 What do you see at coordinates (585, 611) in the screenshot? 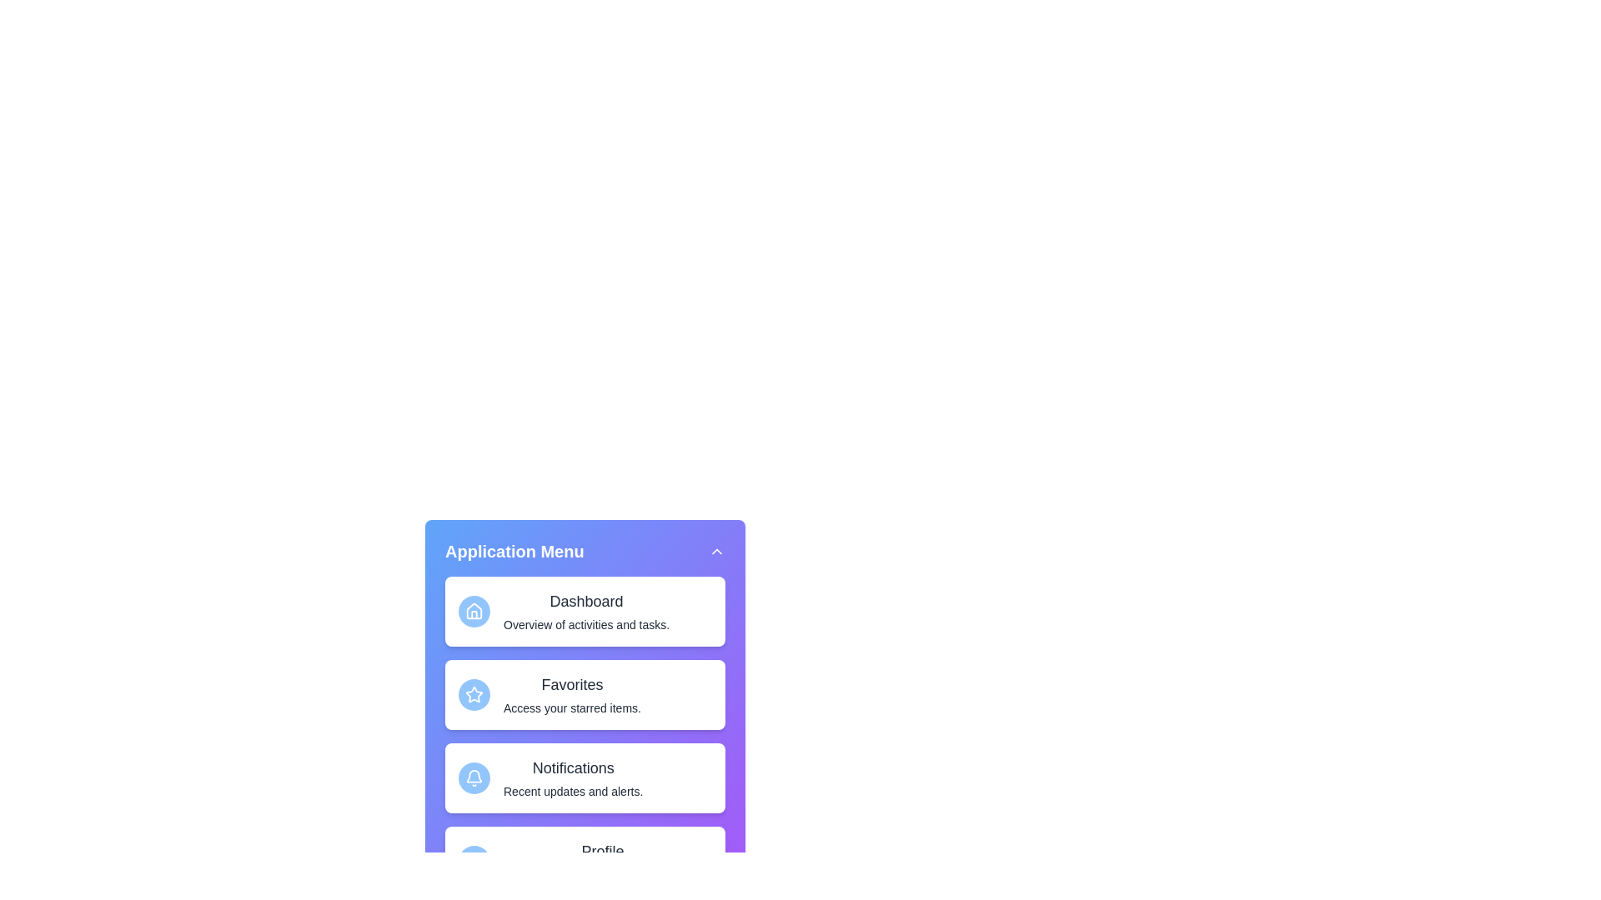
I see `the menu item Dashboard` at bounding box center [585, 611].